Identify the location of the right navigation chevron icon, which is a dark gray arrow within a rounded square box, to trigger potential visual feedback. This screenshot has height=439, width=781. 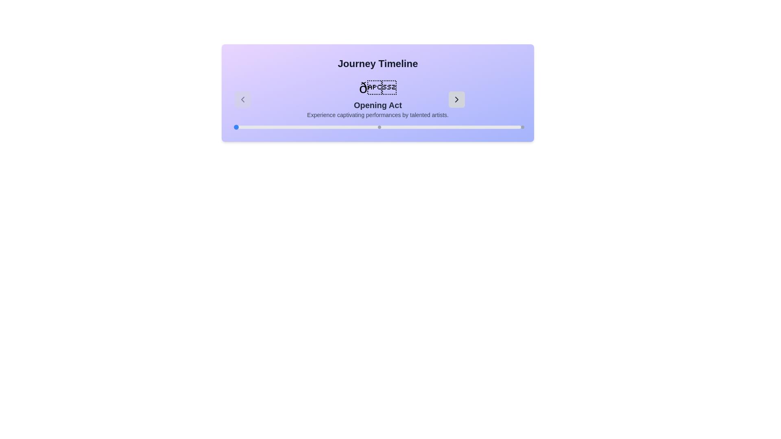
(457, 99).